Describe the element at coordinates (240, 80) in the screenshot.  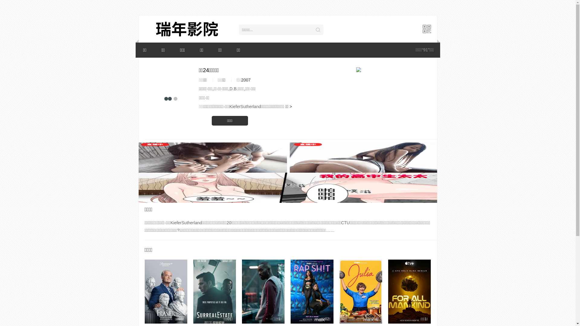
I see `'2007'` at that location.